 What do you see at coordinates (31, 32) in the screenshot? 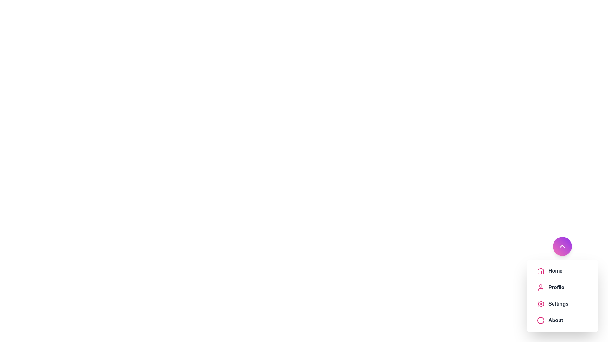
I see `the background area to inspect the menu's appearance` at bounding box center [31, 32].